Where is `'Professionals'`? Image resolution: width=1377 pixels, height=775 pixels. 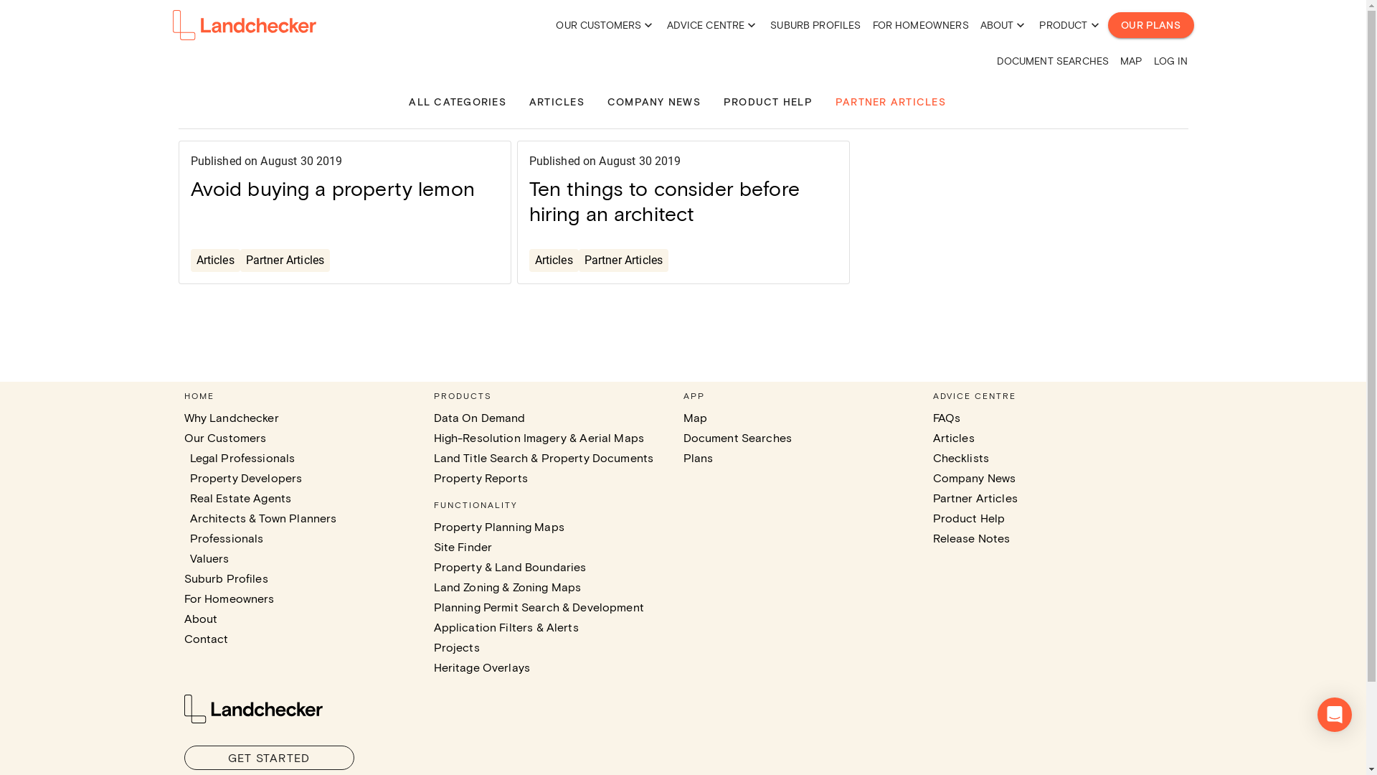
'Professionals' is located at coordinates (189, 538).